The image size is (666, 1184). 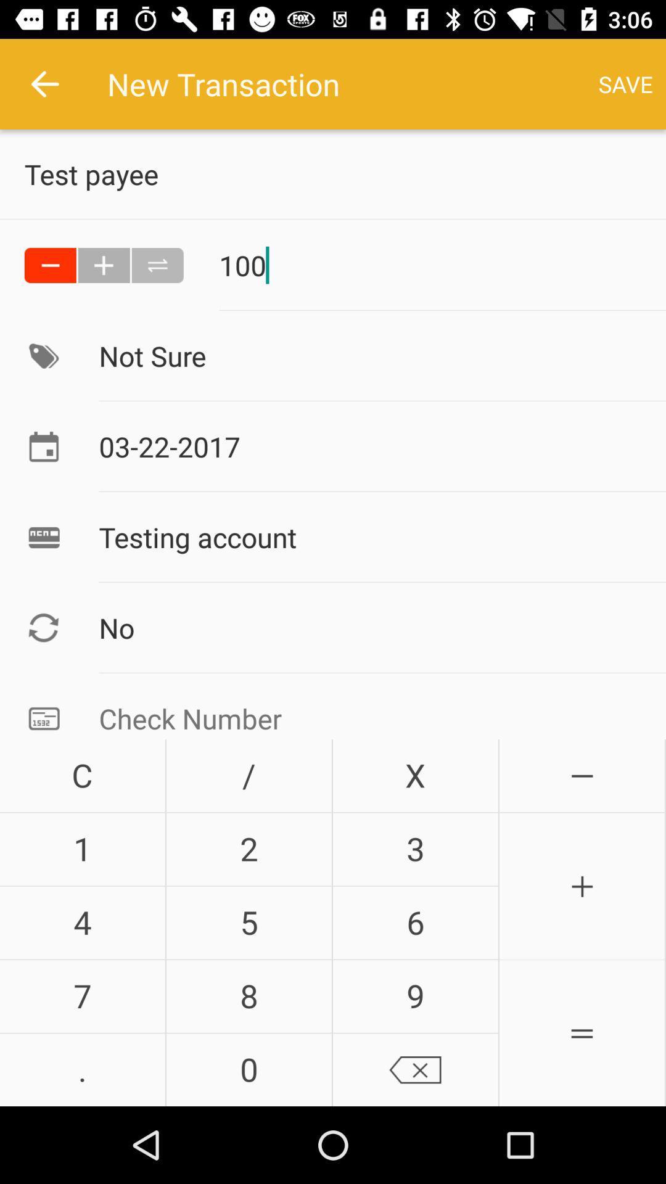 What do you see at coordinates (104, 265) in the screenshot?
I see `symbol next to` at bounding box center [104, 265].